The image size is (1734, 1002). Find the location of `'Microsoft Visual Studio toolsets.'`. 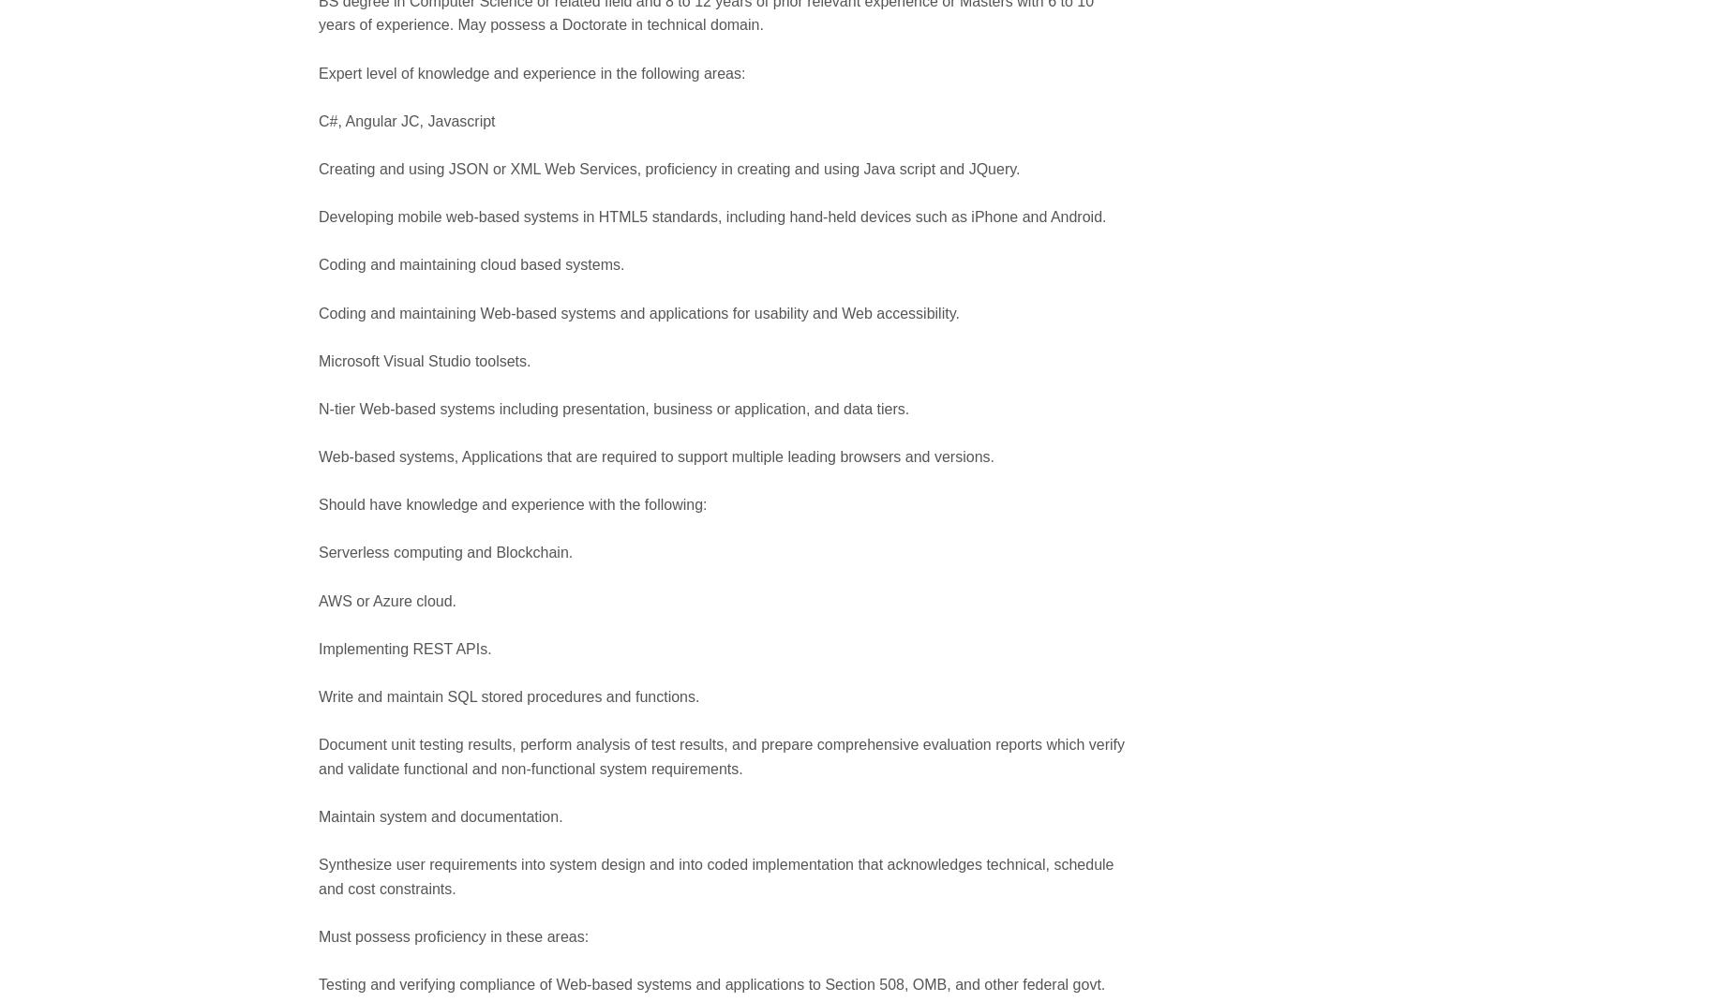

'Microsoft Visual Studio toolsets.' is located at coordinates (318, 360).